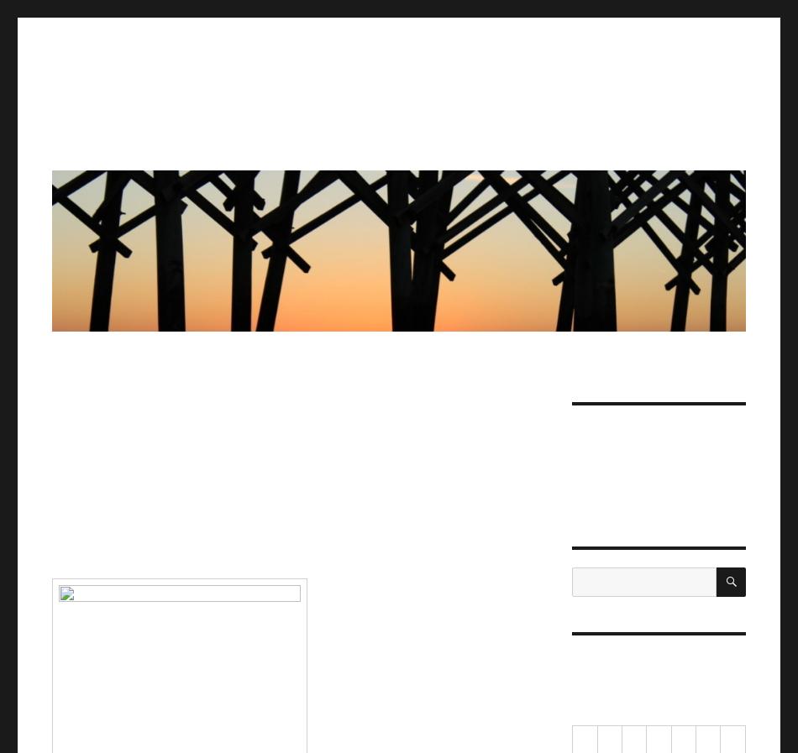 Image resolution: width=798 pixels, height=753 pixels. What do you see at coordinates (658, 740) in the screenshot?
I see `'W'` at bounding box center [658, 740].